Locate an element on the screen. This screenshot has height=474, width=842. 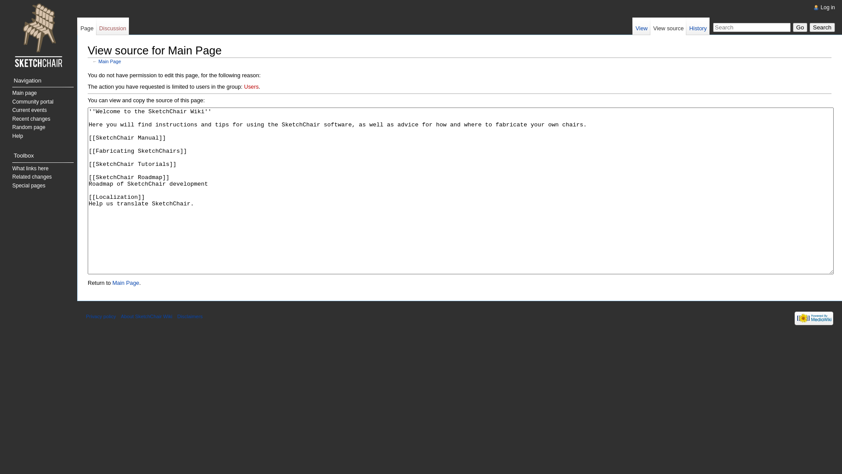
'About SketchChair Wiki' is located at coordinates (120, 316).